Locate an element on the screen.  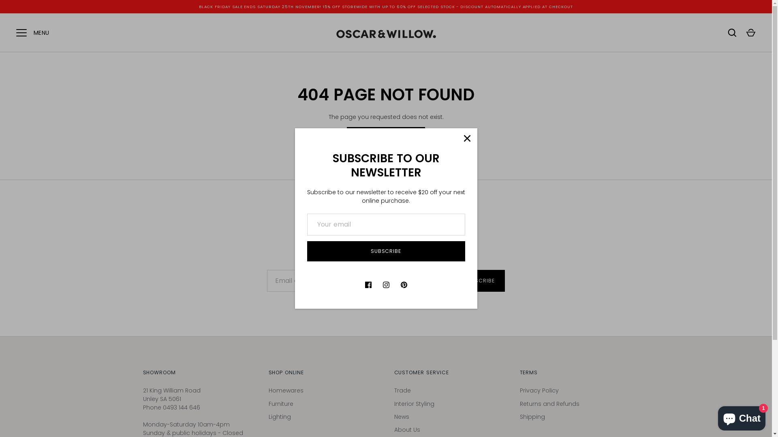
'About Us' is located at coordinates (406, 429).